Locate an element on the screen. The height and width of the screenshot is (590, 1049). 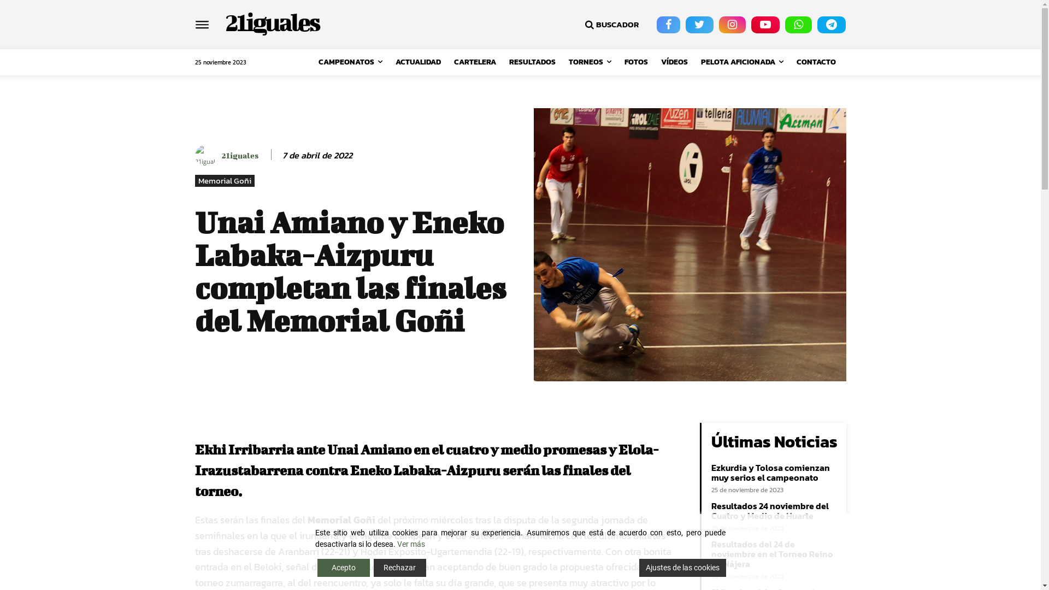
'Acepto' is located at coordinates (343, 567).